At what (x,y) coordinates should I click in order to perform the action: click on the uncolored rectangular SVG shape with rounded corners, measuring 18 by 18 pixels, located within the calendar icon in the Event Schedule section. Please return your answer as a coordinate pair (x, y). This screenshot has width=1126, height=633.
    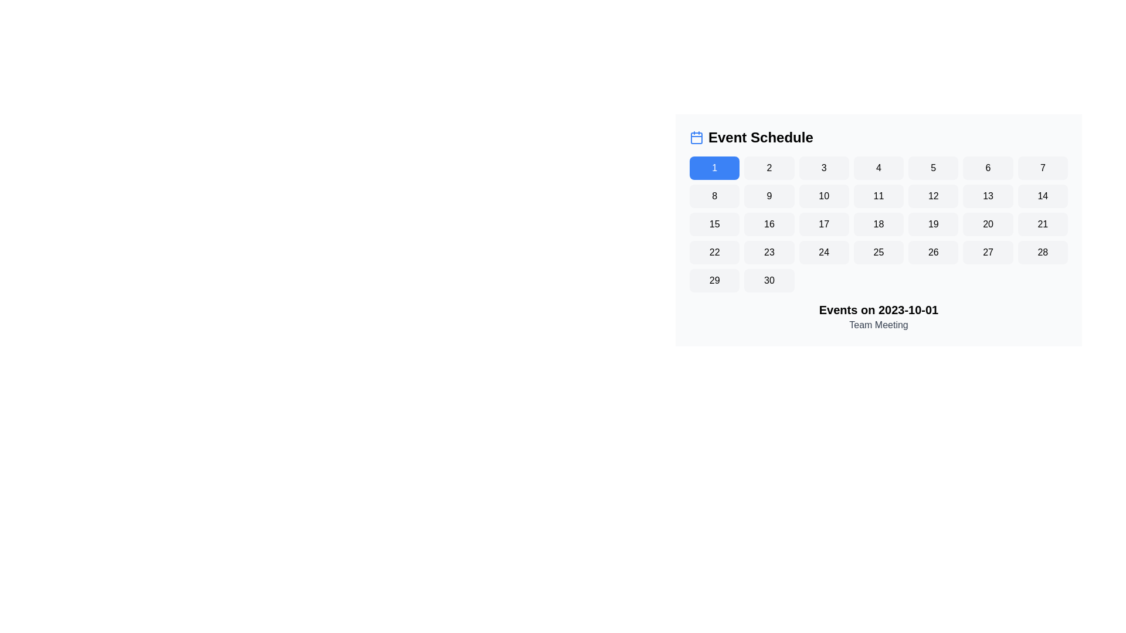
    Looking at the image, I should click on (697, 137).